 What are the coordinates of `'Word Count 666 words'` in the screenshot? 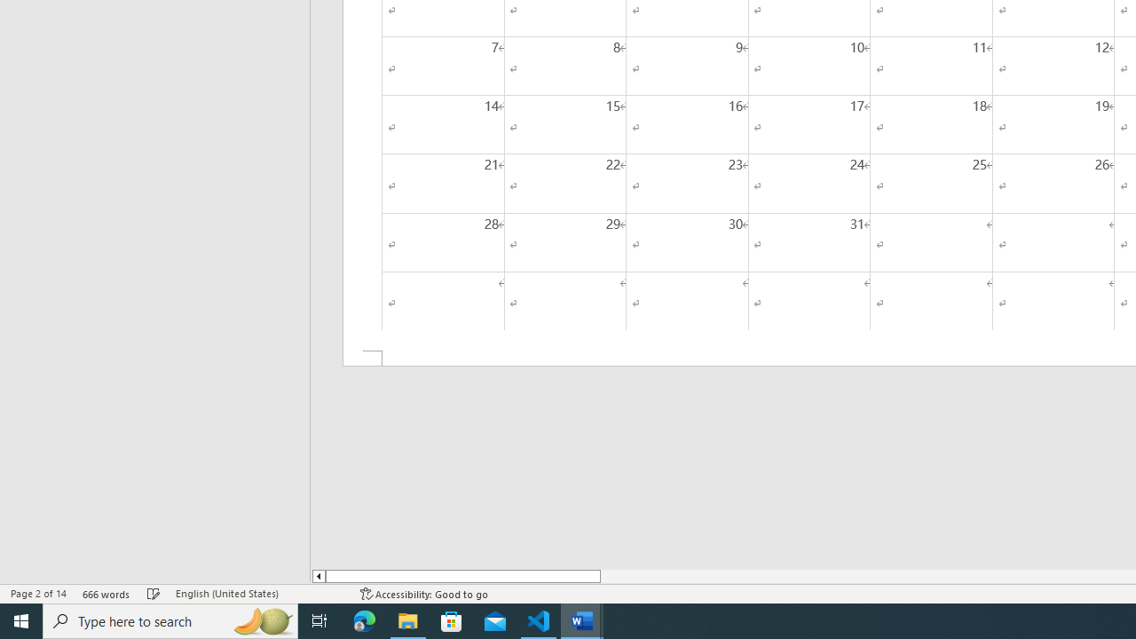 It's located at (106, 594).